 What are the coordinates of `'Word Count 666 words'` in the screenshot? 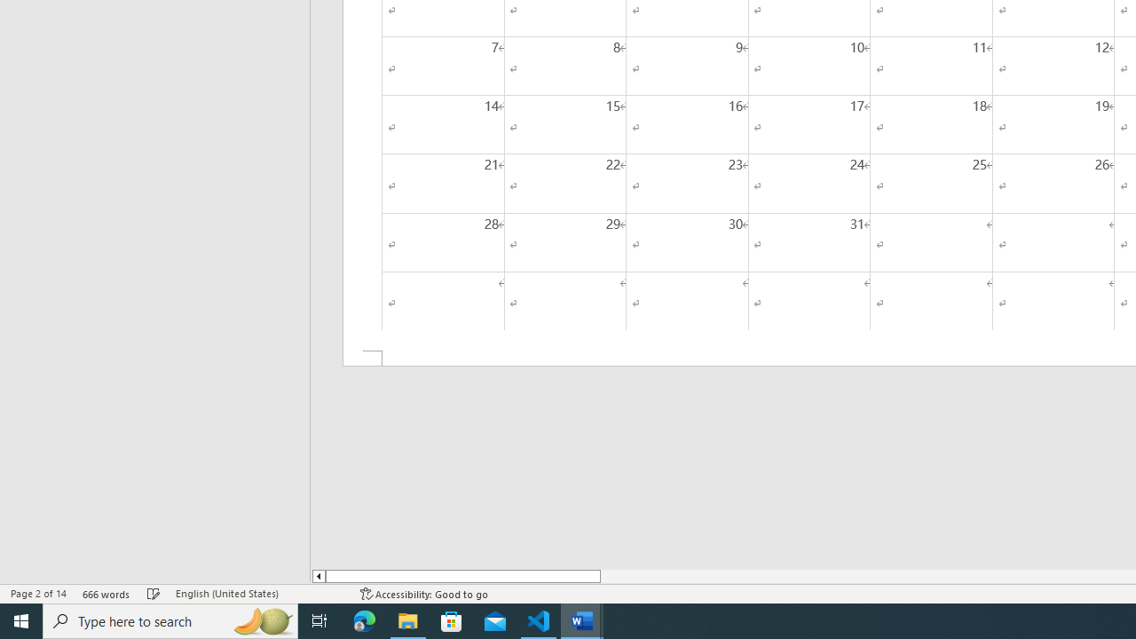 It's located at (106, 594).